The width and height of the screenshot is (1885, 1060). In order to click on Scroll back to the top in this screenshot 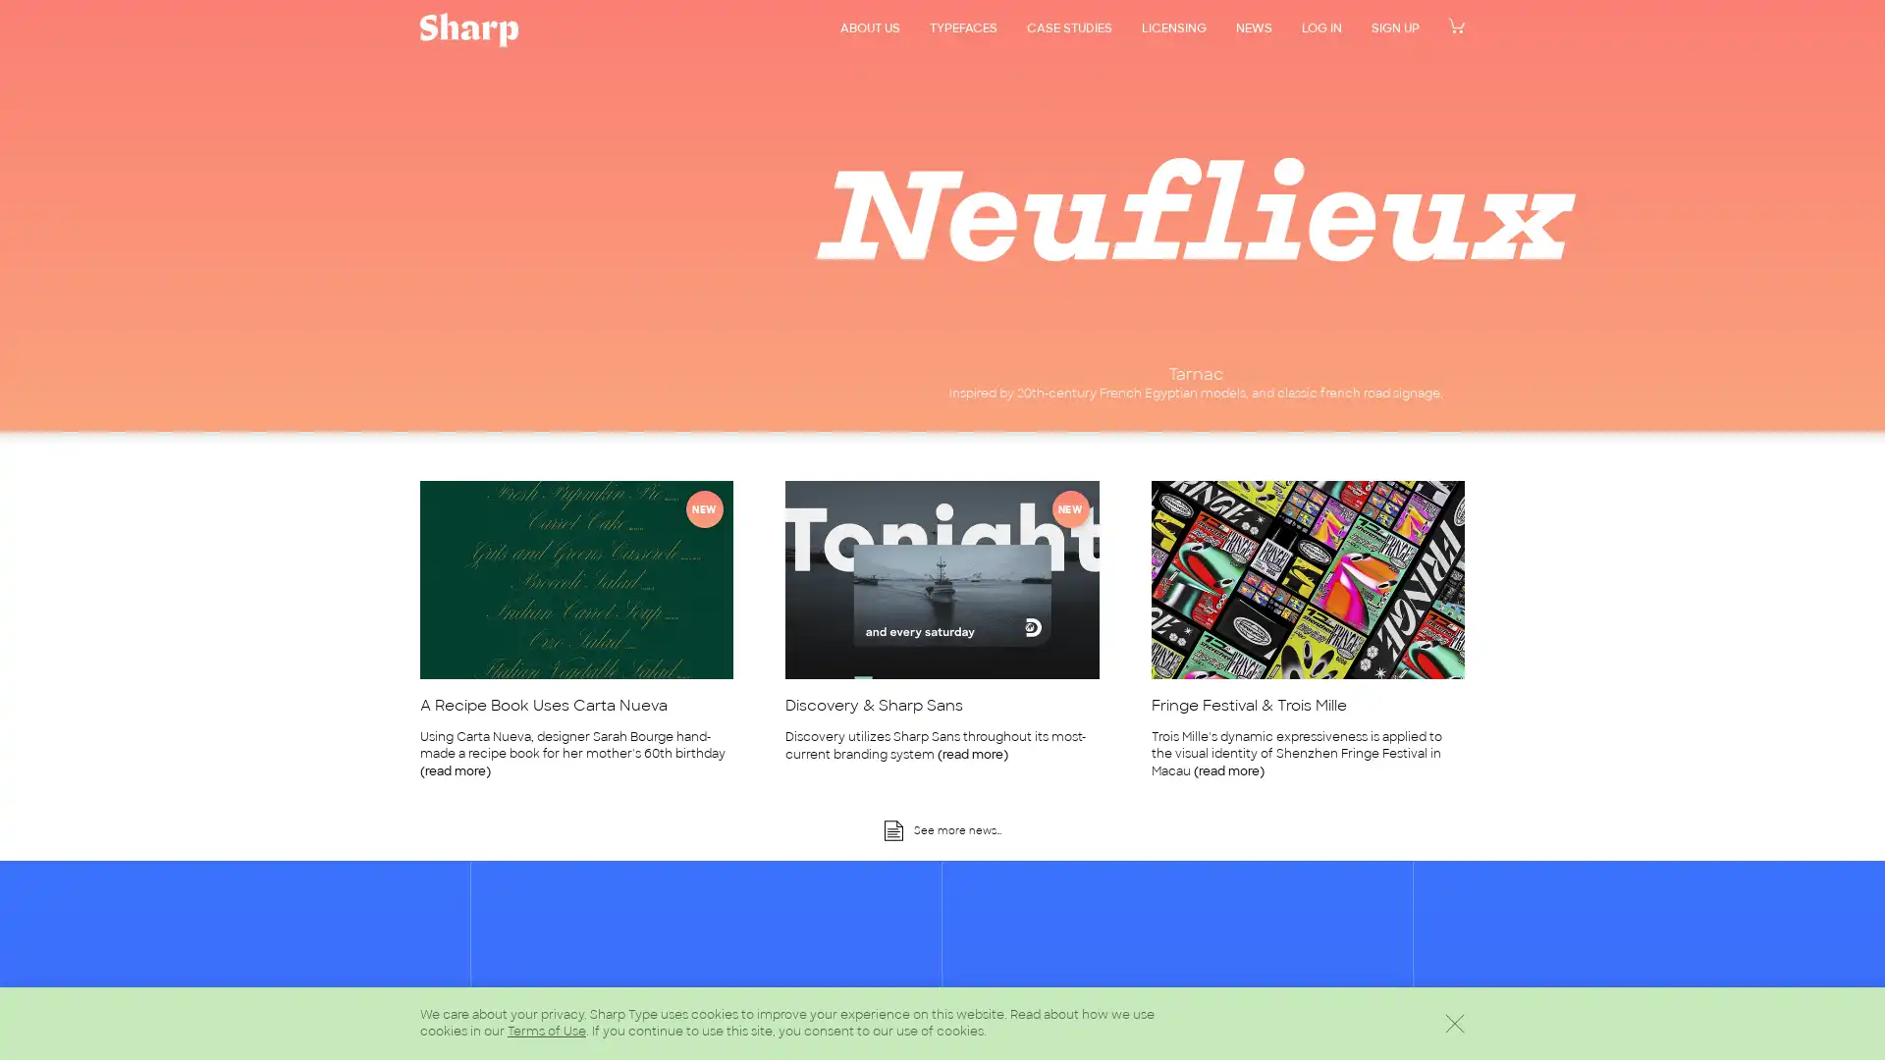, I will do `click(1850, 1025)`.